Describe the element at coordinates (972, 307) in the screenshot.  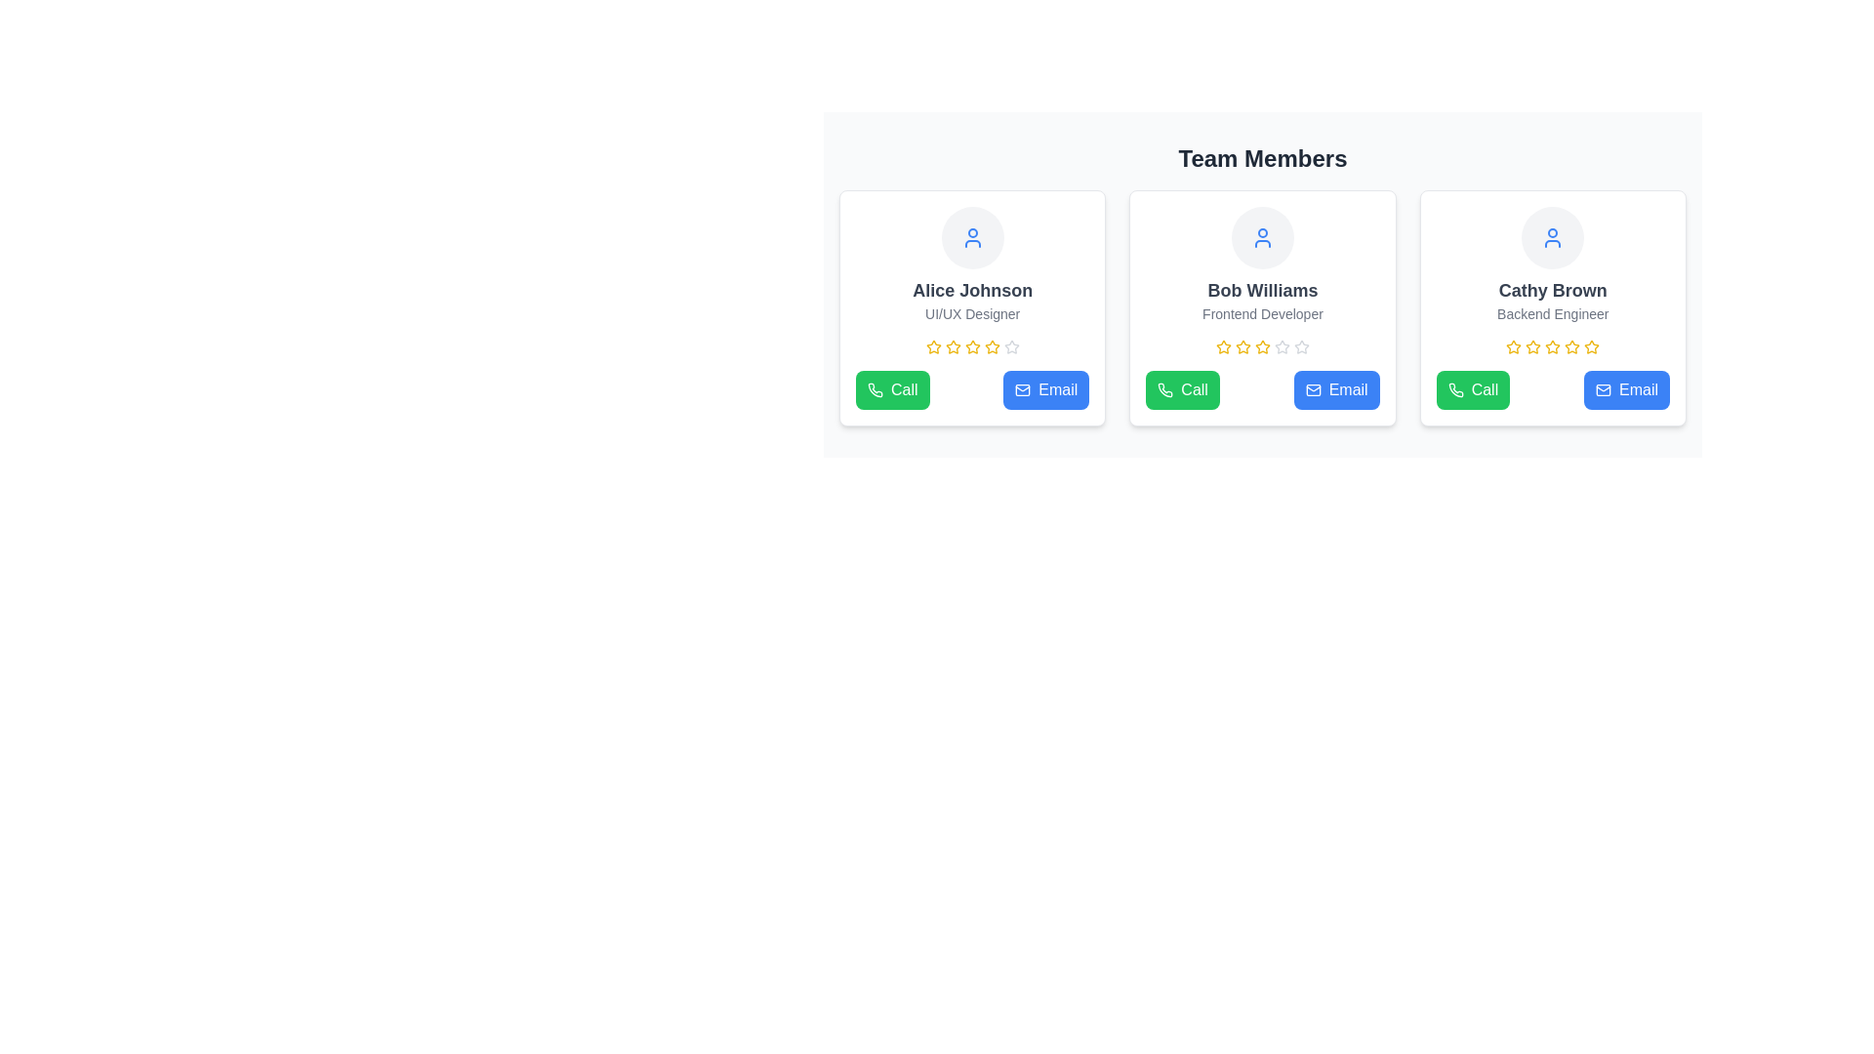
I see `the first card component in the grid layout, which contains the text 'Alice Johnson' and the title 'UI/UX Designer'` at that location.